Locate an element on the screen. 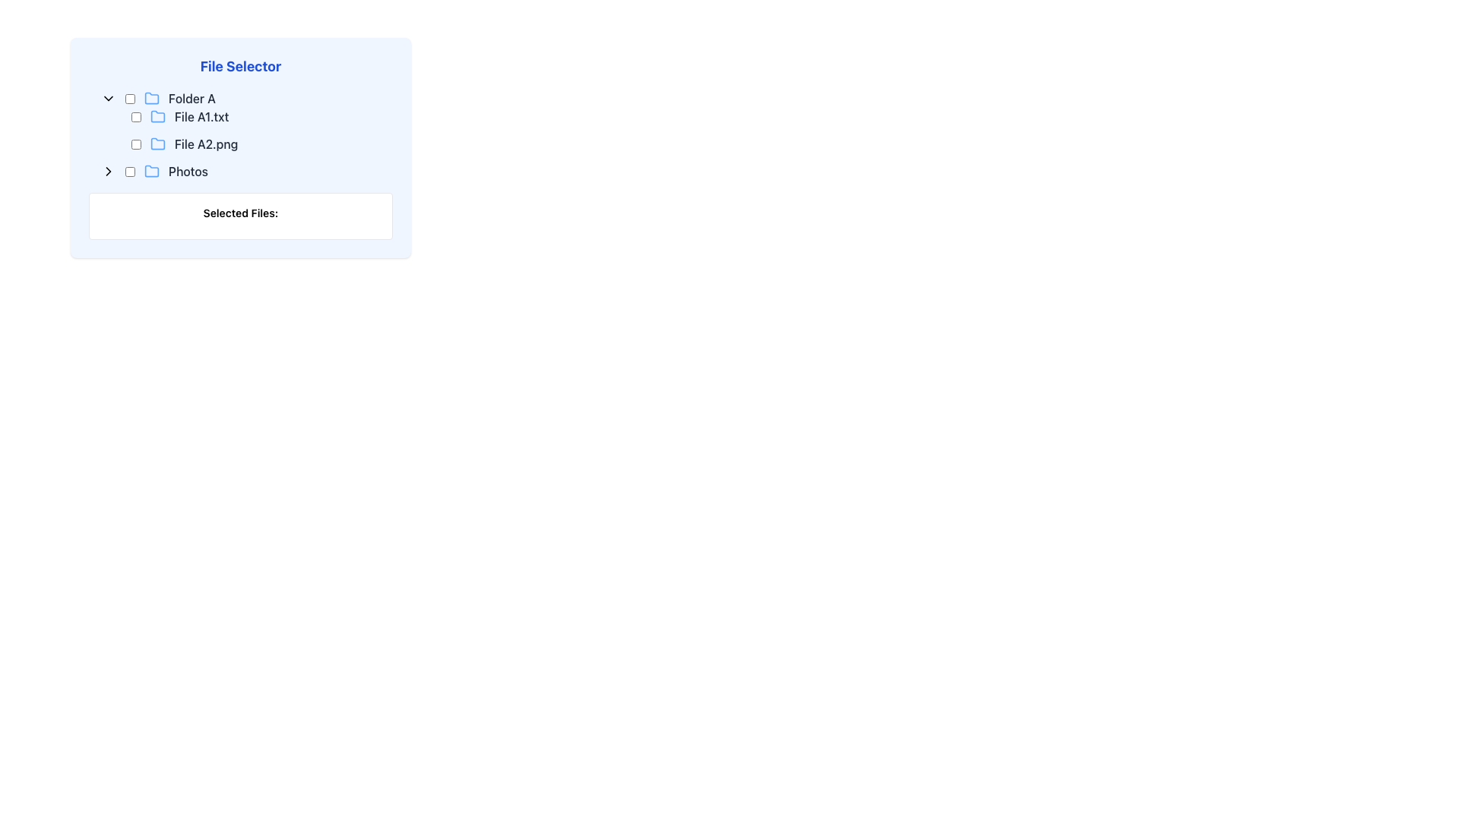 This screenshot has width=1459, height=820. the folder icon representing 'Folder A' in the file selection layout, located below the title 'File Selector' is located at coordinates (152, 99).